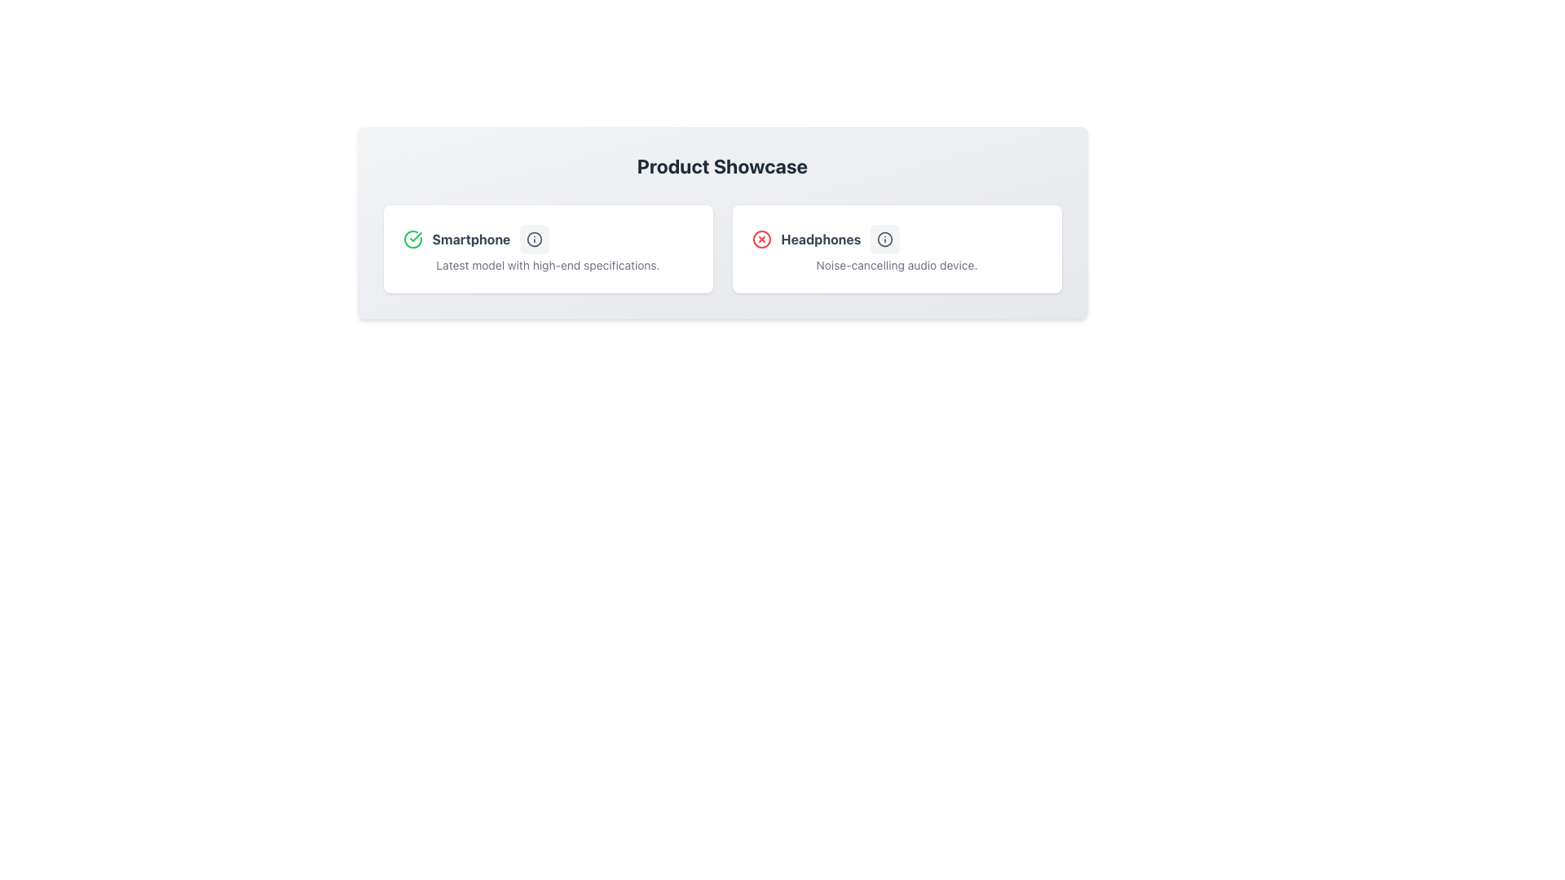  Describe the element at coordinates (884, 239) in the screenshot. I see `the information icon located in the right panel of the interface, next to the 'Headphones' card title` at that location.